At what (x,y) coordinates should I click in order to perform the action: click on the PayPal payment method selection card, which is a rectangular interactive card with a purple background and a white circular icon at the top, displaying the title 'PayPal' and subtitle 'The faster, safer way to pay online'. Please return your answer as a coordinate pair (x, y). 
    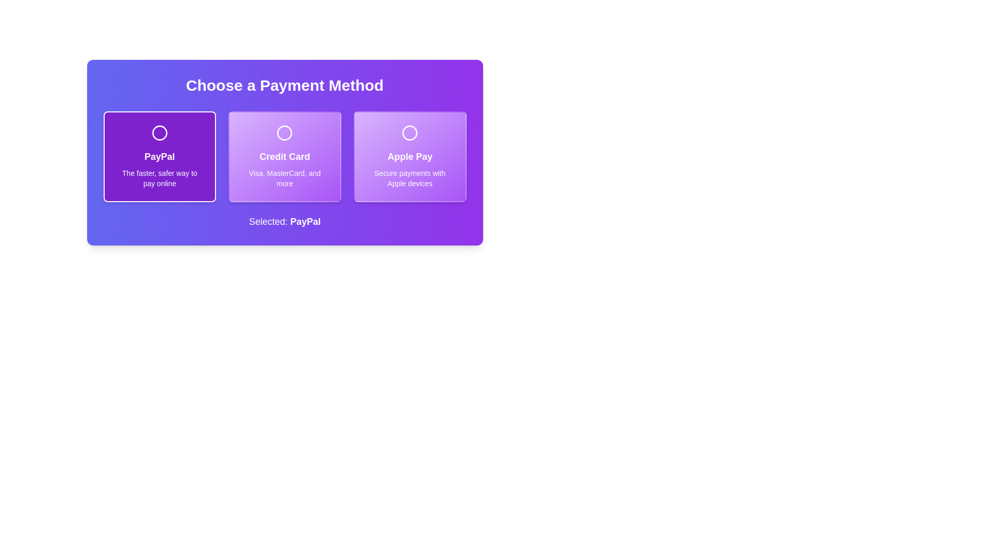
    Looking at the image, I should click on (159, 157).